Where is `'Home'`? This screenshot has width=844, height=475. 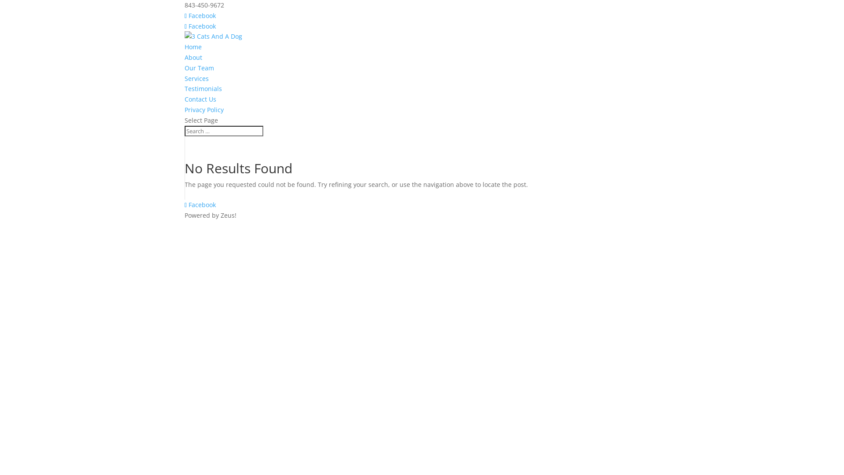 'Home' is located at coordinates (193, 47).